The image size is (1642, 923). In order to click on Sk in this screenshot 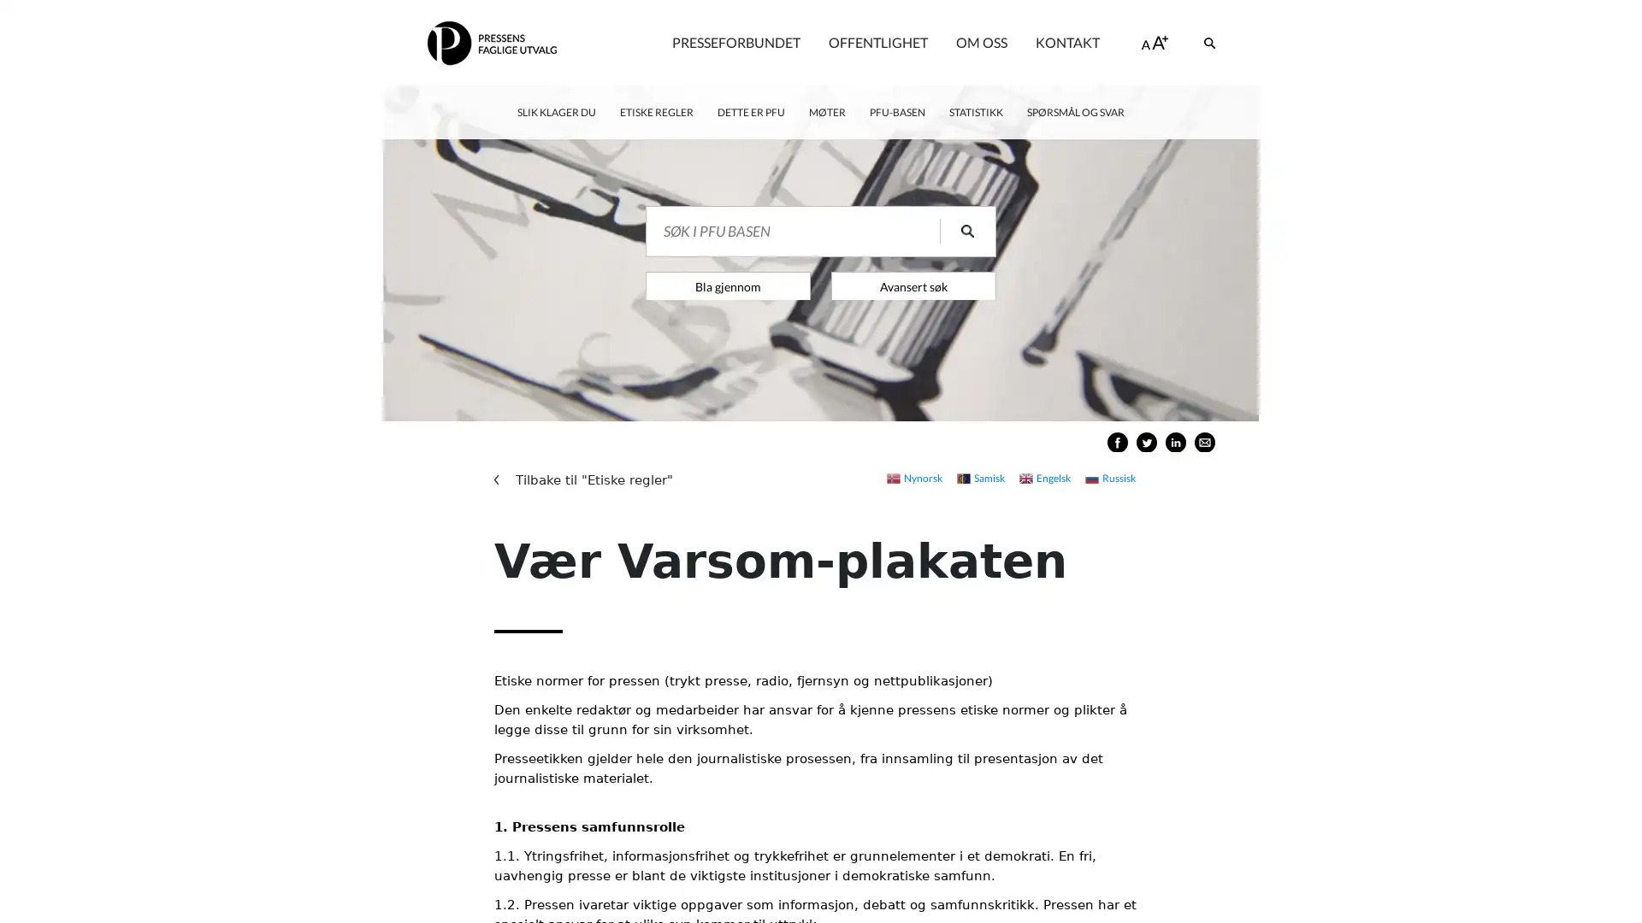, I will do `click(955, 231)`.